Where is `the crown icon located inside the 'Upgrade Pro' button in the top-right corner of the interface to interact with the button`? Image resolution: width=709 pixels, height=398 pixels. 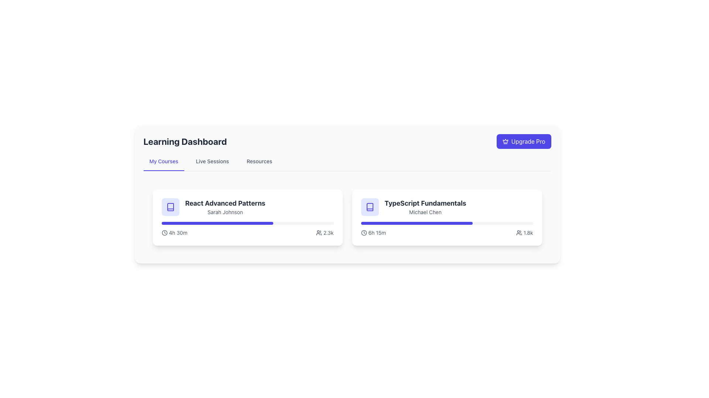 the crown icon located inside the 'Upgrade Pro' button in the top-right corner of the interface to interact with the button is located at coordinates (505, 142).